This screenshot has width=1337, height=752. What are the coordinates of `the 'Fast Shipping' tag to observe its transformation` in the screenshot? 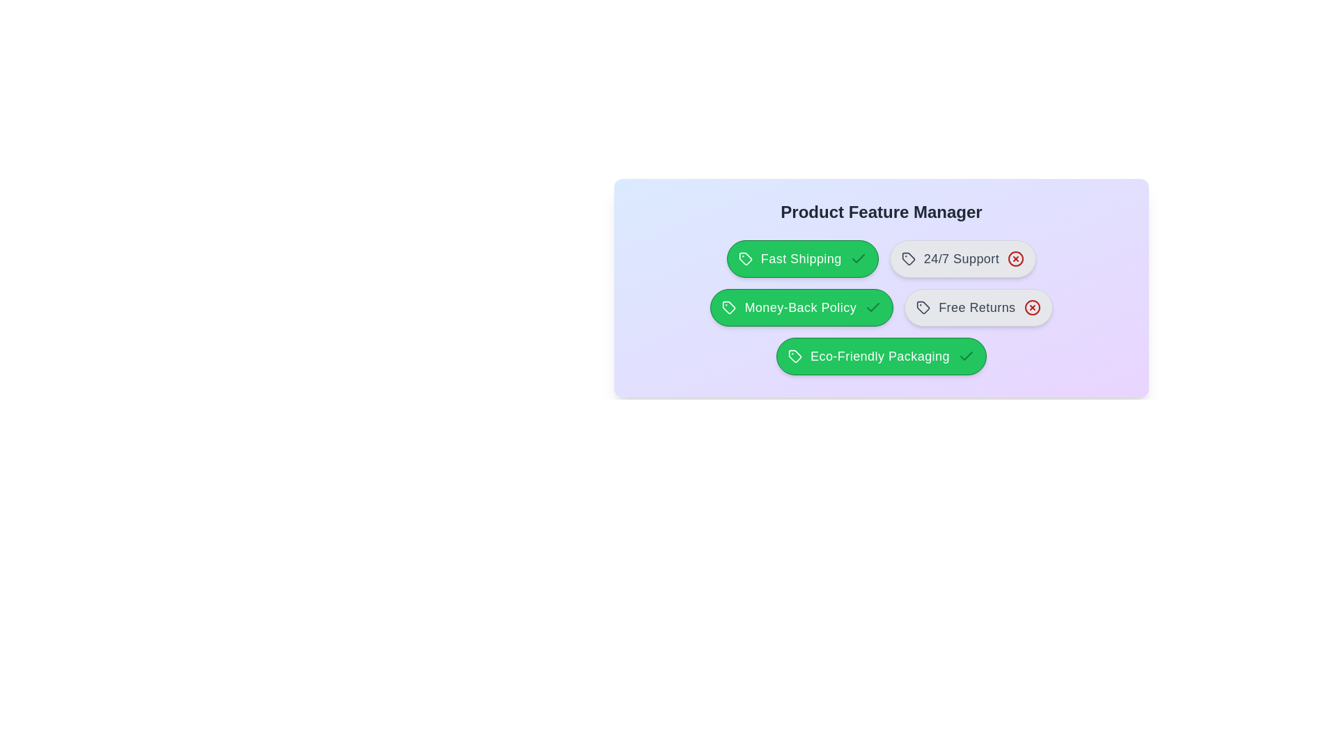 It's located at (802, 258).